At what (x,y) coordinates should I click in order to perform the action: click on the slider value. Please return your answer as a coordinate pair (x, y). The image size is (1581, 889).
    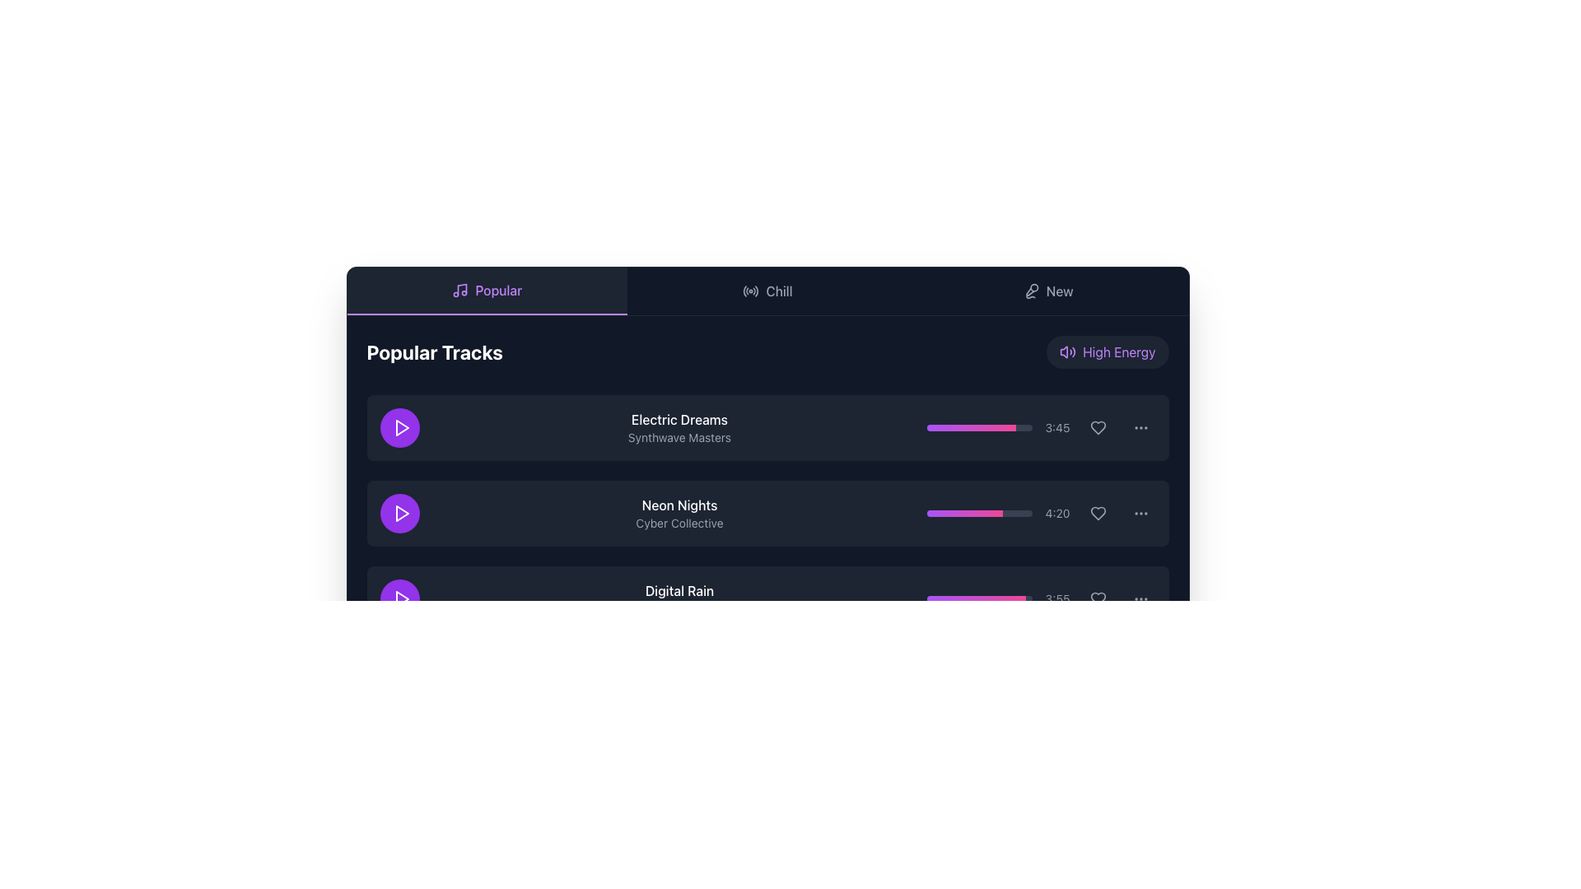
    Looking at the image, I should click on (976, 599).